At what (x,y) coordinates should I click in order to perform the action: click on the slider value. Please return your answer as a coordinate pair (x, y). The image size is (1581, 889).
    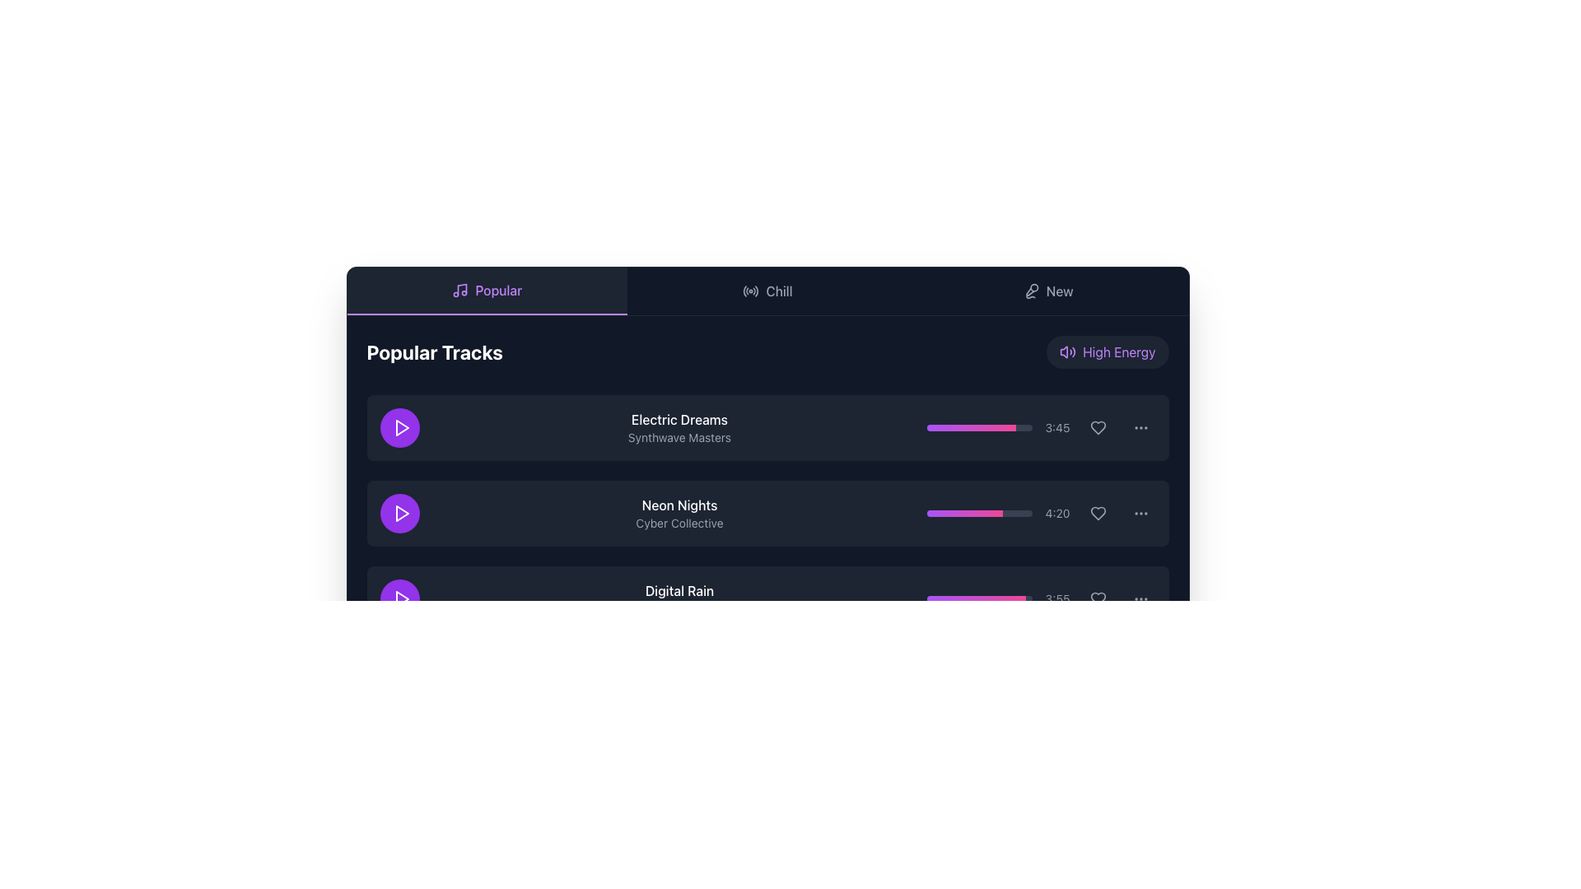
    Looking at the image, I should click on (976, 599).